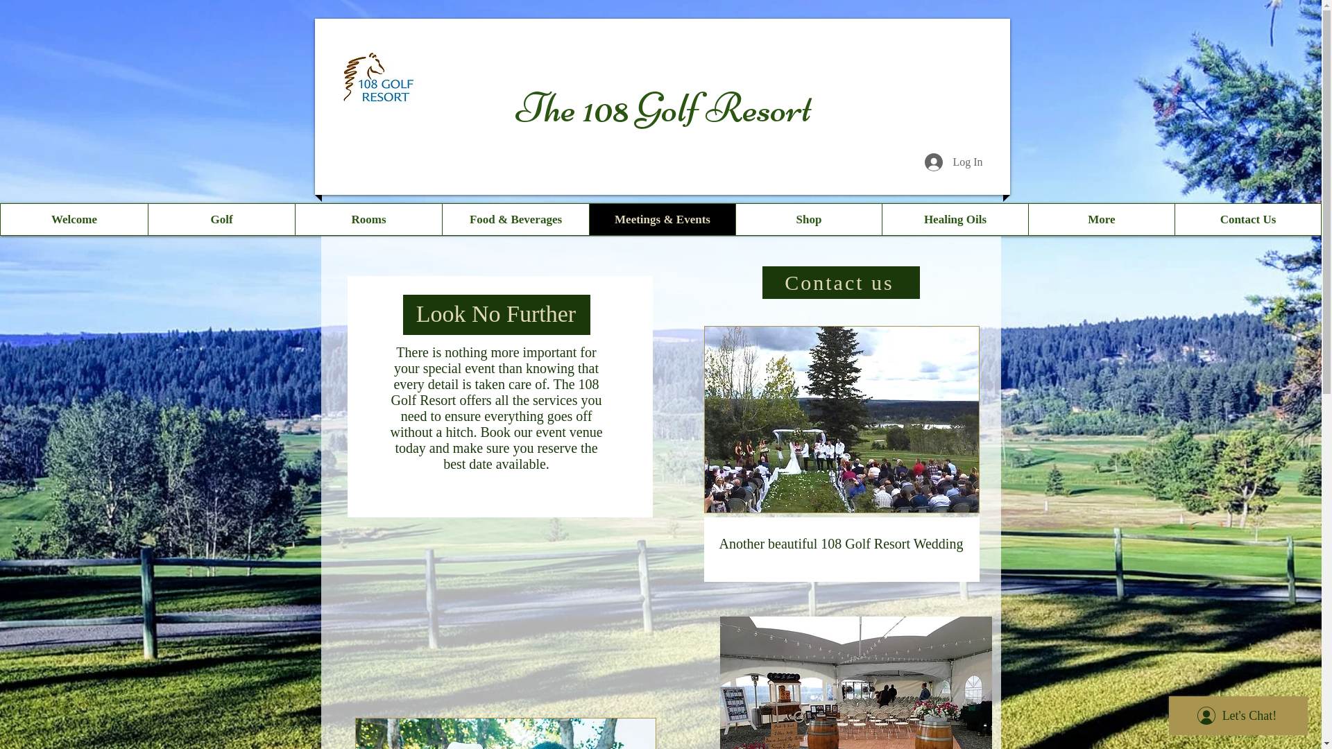 The image size is (1332, 749). Describe the element at coordinates (515, 218) in the screenshot. I see `'Food & Beverages'` at that location.